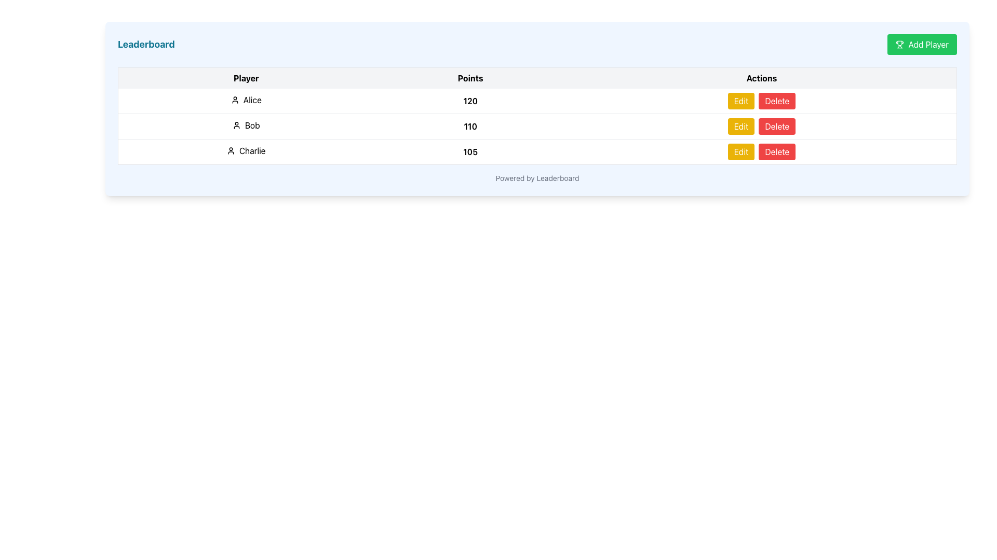 Image resolution: width=997 pixels, height=560 pixels. I want to click on the 'Delete' button, which is a red rectangular button with white text, located in the Actions column of the table after the 'Edit' button, to change its color, so click(777, 101).